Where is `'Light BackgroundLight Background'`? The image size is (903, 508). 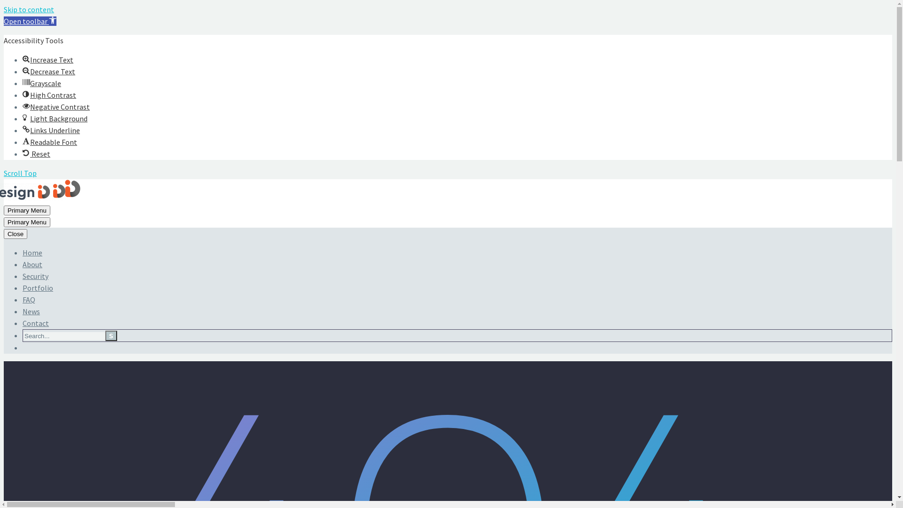 'Light BackgroundLight Background' is located at coordinates (54, 118).